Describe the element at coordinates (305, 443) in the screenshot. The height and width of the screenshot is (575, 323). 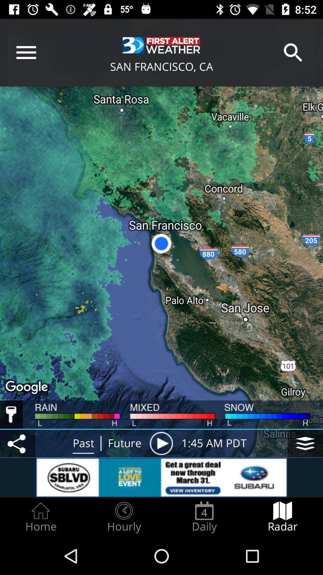
I see `the layers icon` at that location.